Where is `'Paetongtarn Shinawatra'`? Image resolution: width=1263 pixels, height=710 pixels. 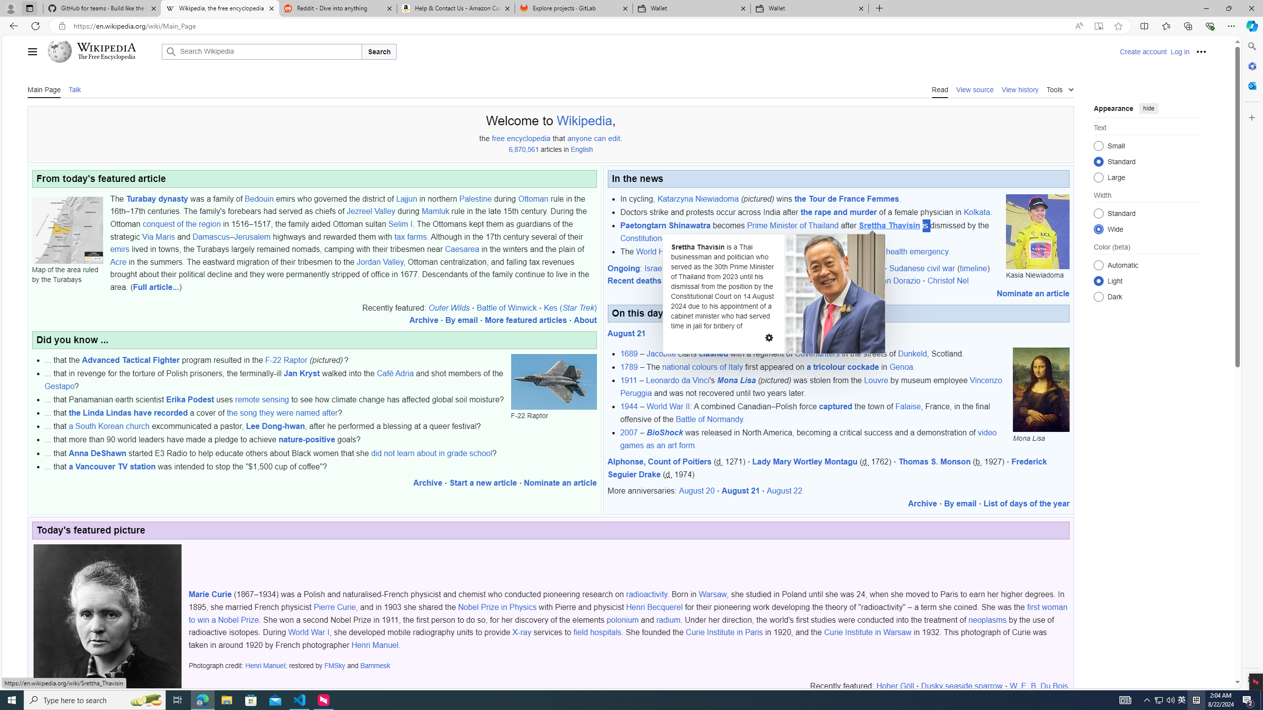 'Paetongtarn Shinawatra' is located at coordinates (666, 225).